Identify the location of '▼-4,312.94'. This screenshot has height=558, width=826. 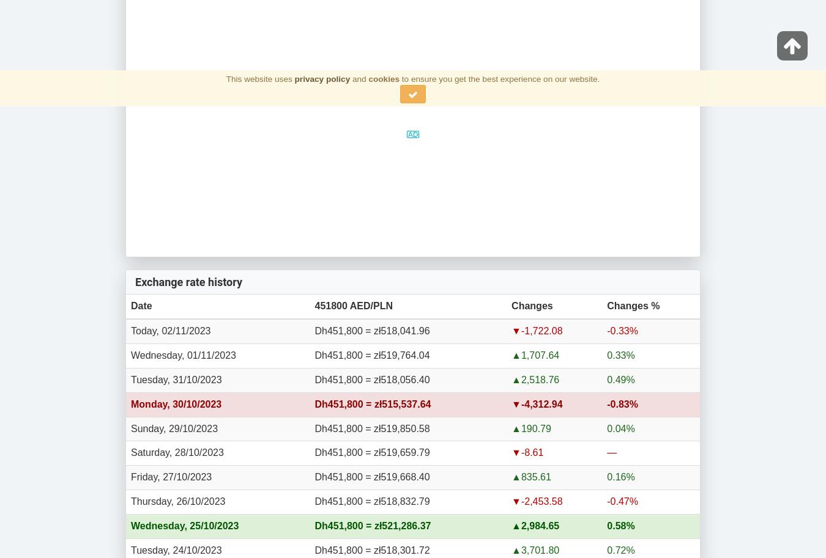
(537, 403).